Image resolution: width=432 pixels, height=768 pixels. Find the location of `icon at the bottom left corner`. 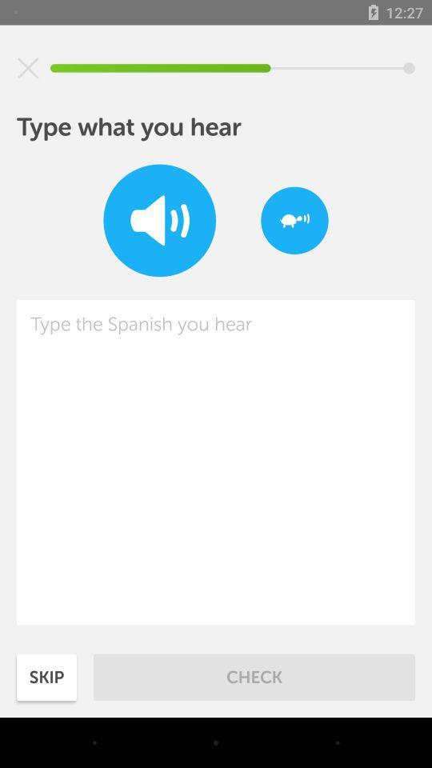

icon at the bottom left corner is located at coordinates (46, 676).